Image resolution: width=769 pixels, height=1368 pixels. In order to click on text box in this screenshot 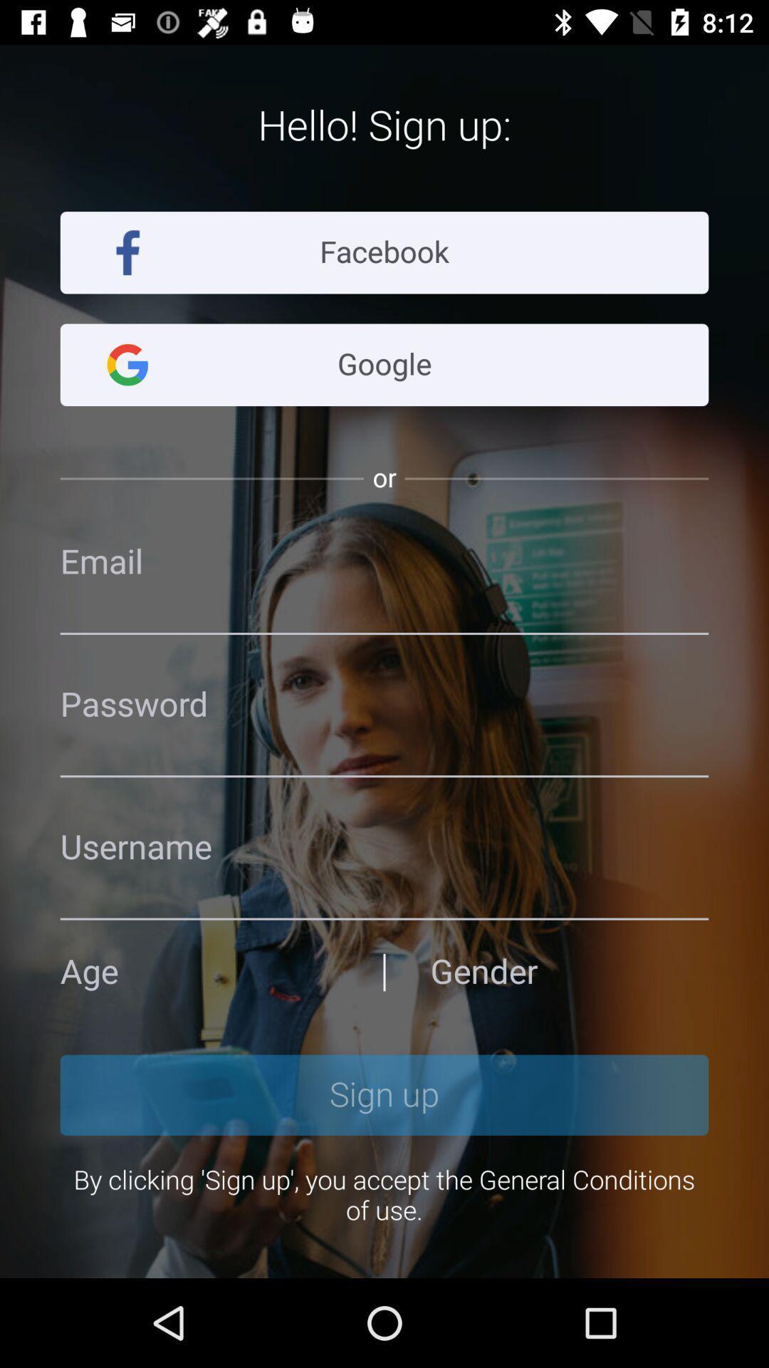, I will do `click(384, 847)`.